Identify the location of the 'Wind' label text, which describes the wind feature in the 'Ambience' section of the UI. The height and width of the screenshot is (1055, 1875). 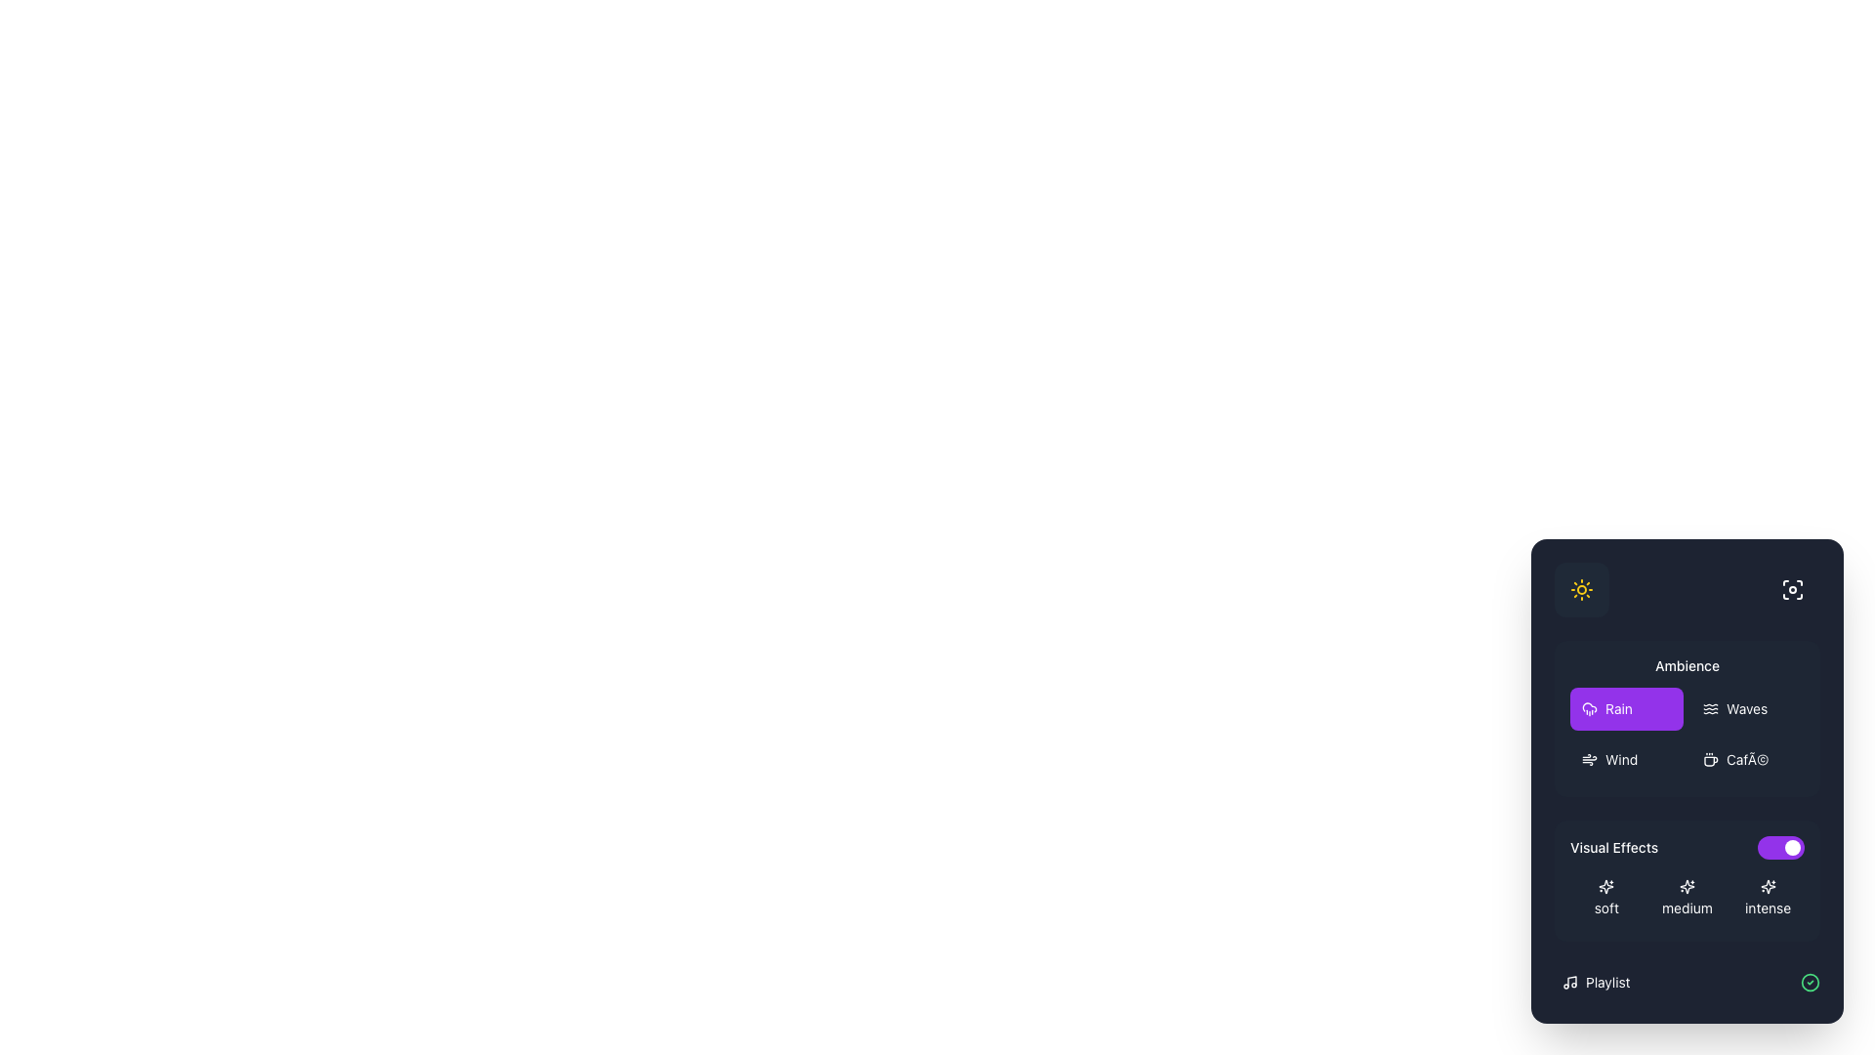
(1621, 759).